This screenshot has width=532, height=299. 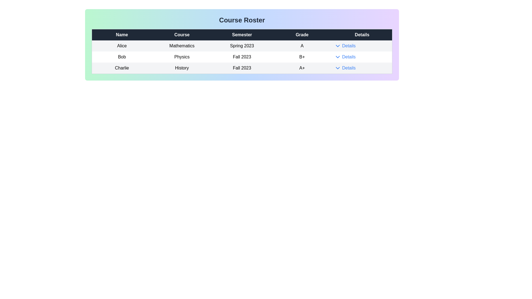 I want to click on the text label displaying 'Fall 2023' in the 'Semester' column associated with student 'Charlie' and the course 'History', so click(x=242, y=68).